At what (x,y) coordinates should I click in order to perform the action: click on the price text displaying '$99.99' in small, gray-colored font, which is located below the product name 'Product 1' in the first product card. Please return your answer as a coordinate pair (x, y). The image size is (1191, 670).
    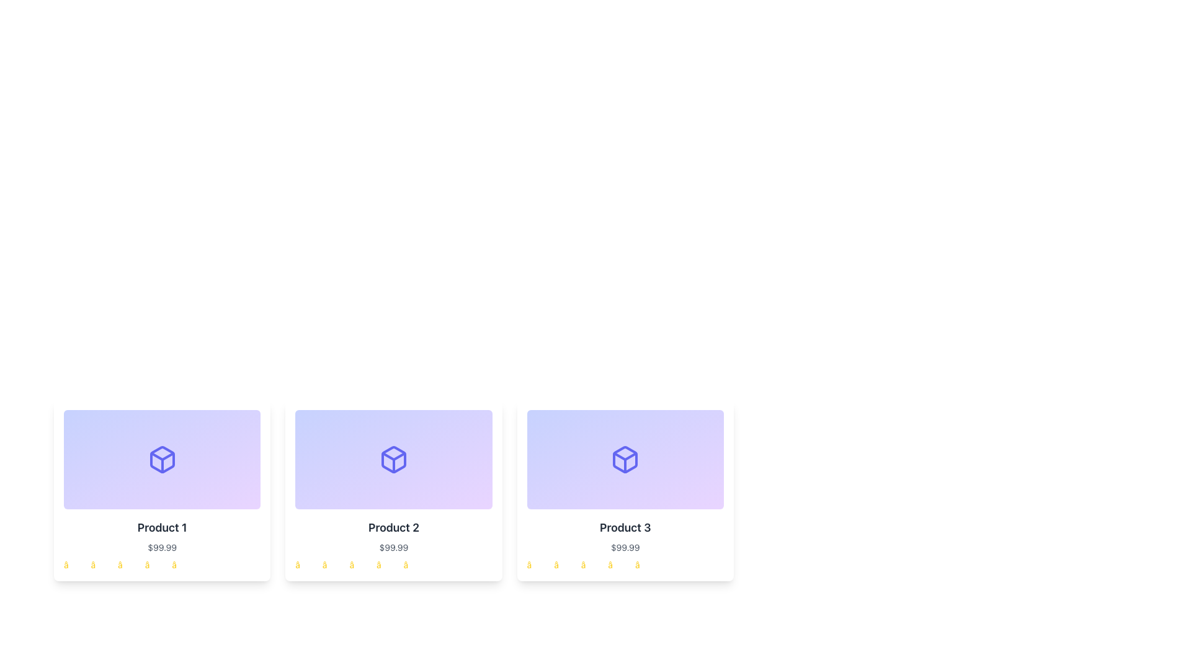
    Looking at the image, I should click on (161, 547).